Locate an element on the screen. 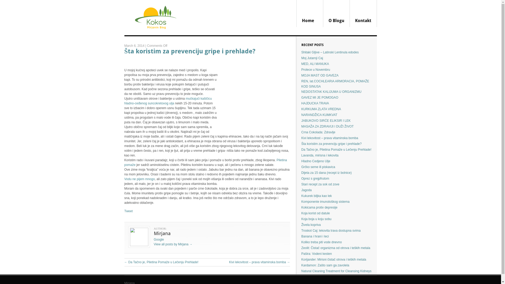  'NEDOSTATAK KALIJUMA U ORGANIZMU' is located at coordinates (331, 91).